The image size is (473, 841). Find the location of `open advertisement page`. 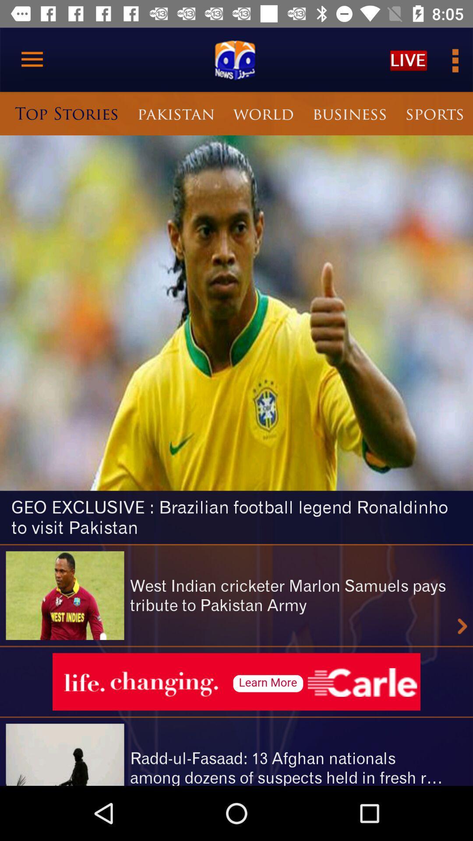

open advertisement page is located at coordinates (236, 681).